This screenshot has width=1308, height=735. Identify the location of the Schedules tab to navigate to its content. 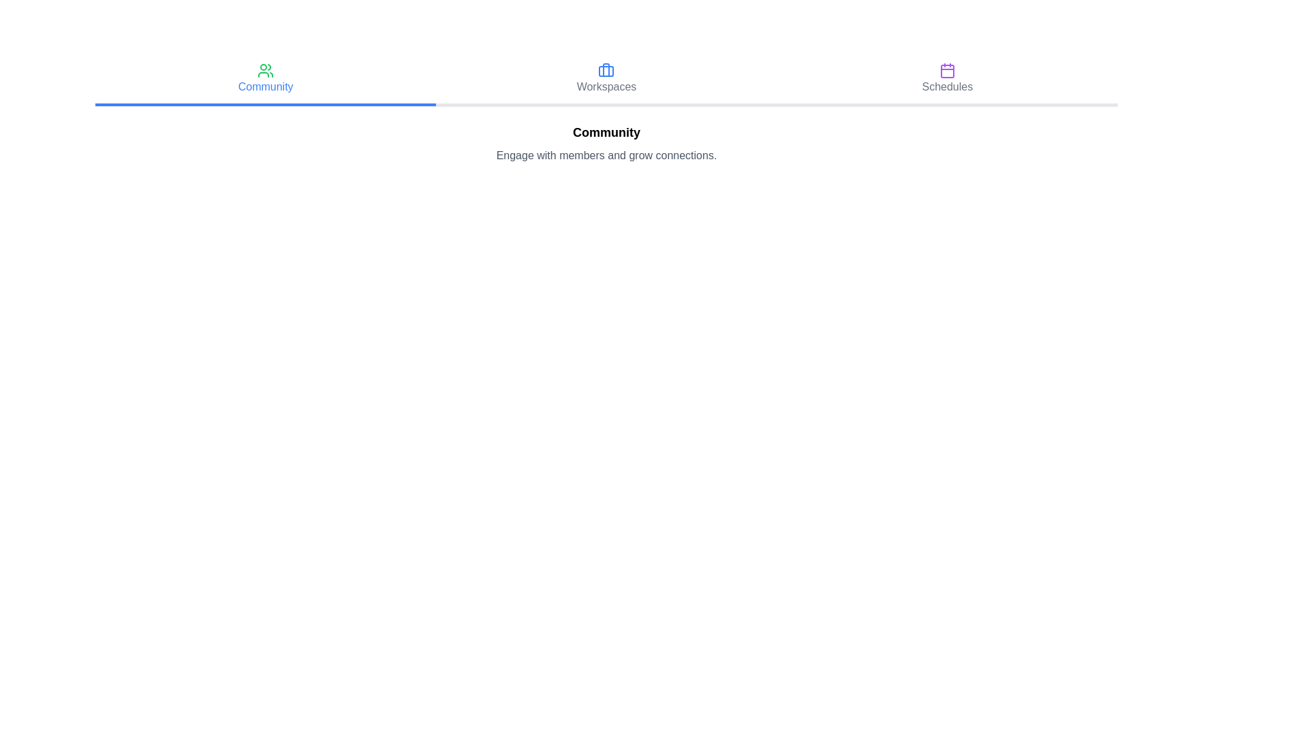
(946, 80).